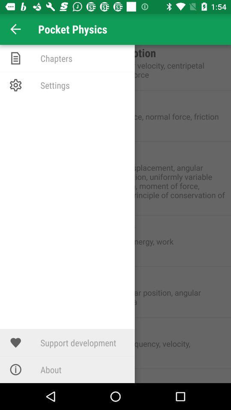 The width and height of the screenshot is (231, 410). Describe the element at coordinates (15, 29) in the screenshot. I see `the arrow_backward icon` at that location.